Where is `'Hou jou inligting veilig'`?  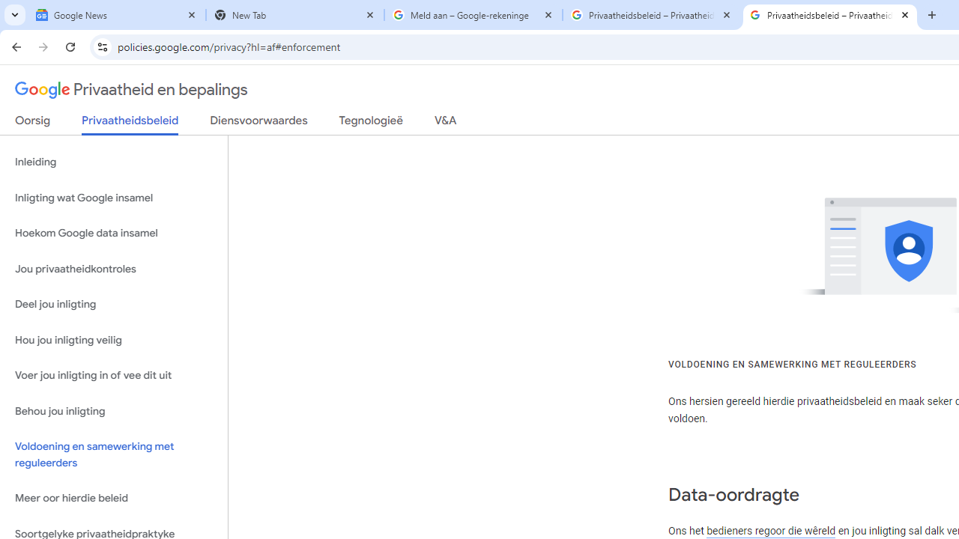 'Hou jou inligting veilig' is located at coordinates (113, 340).